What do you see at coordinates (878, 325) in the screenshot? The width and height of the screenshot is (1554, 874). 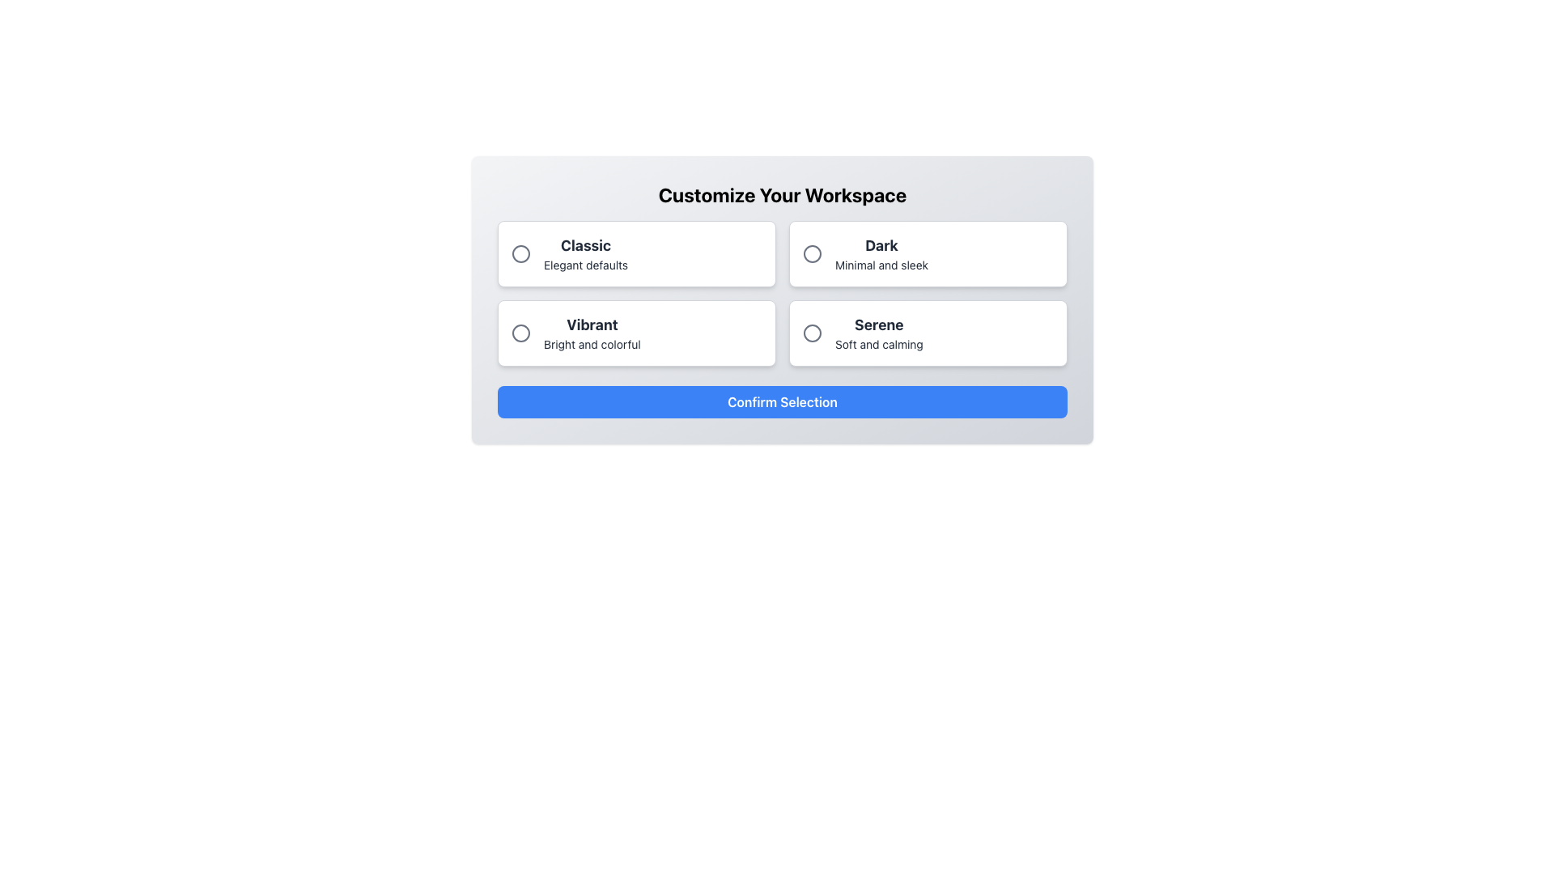 I see `text of the header labeled 'Serene' which is located in the bottom-right quadrant of the interface, distinguishing it among other options` at bounding box center [878, 325].